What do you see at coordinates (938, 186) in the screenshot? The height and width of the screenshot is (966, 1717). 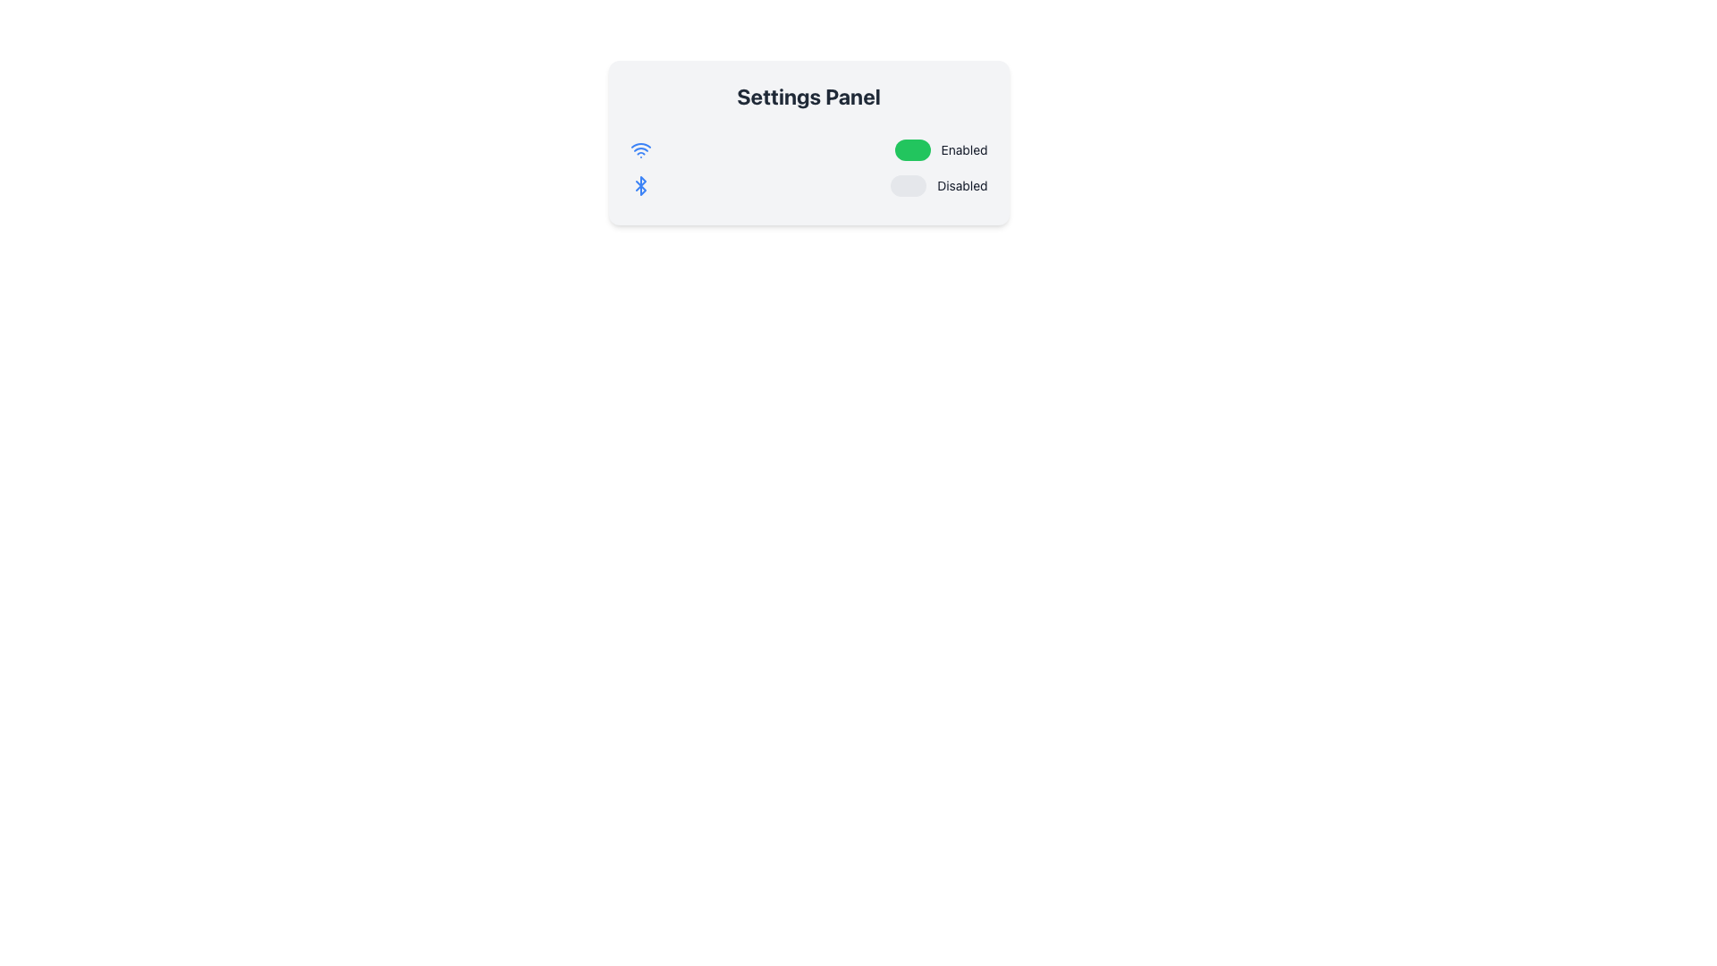 I see `the toggle switch labeled 'Disabled'` at bounding box center [938, 186].